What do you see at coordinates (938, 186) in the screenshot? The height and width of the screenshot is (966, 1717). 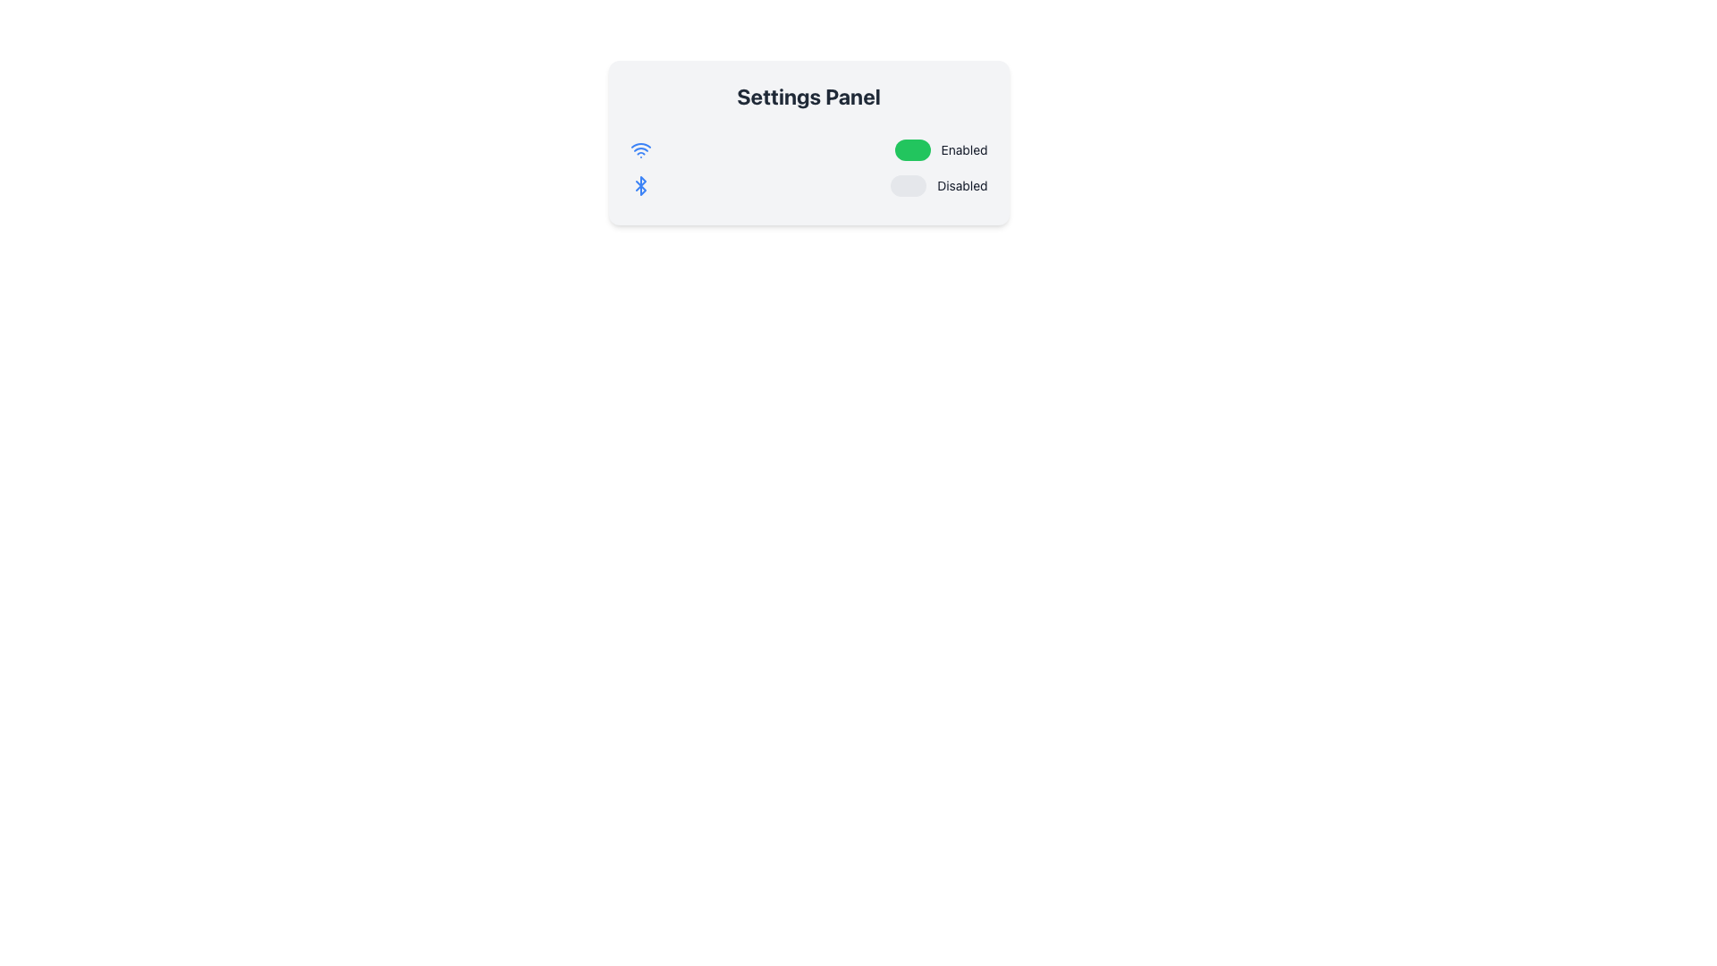 I see `the toggle switch labeled 'Disabled'` at bounding box center [938, 186].